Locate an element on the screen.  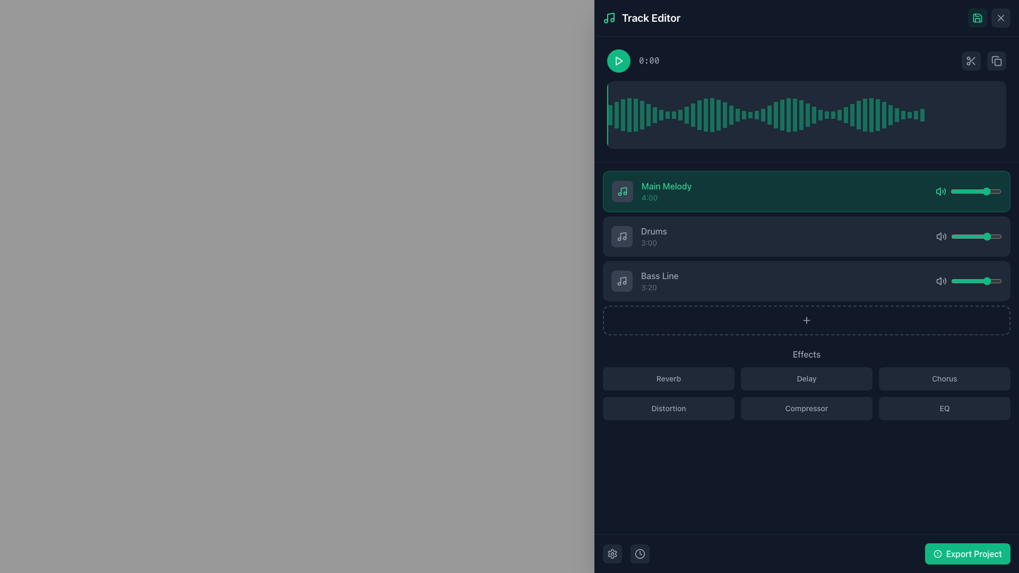
the music note icon located in the Drums section of the Track Editor to guide interactions for its associated Drums section is located at coordinates (621, 236).